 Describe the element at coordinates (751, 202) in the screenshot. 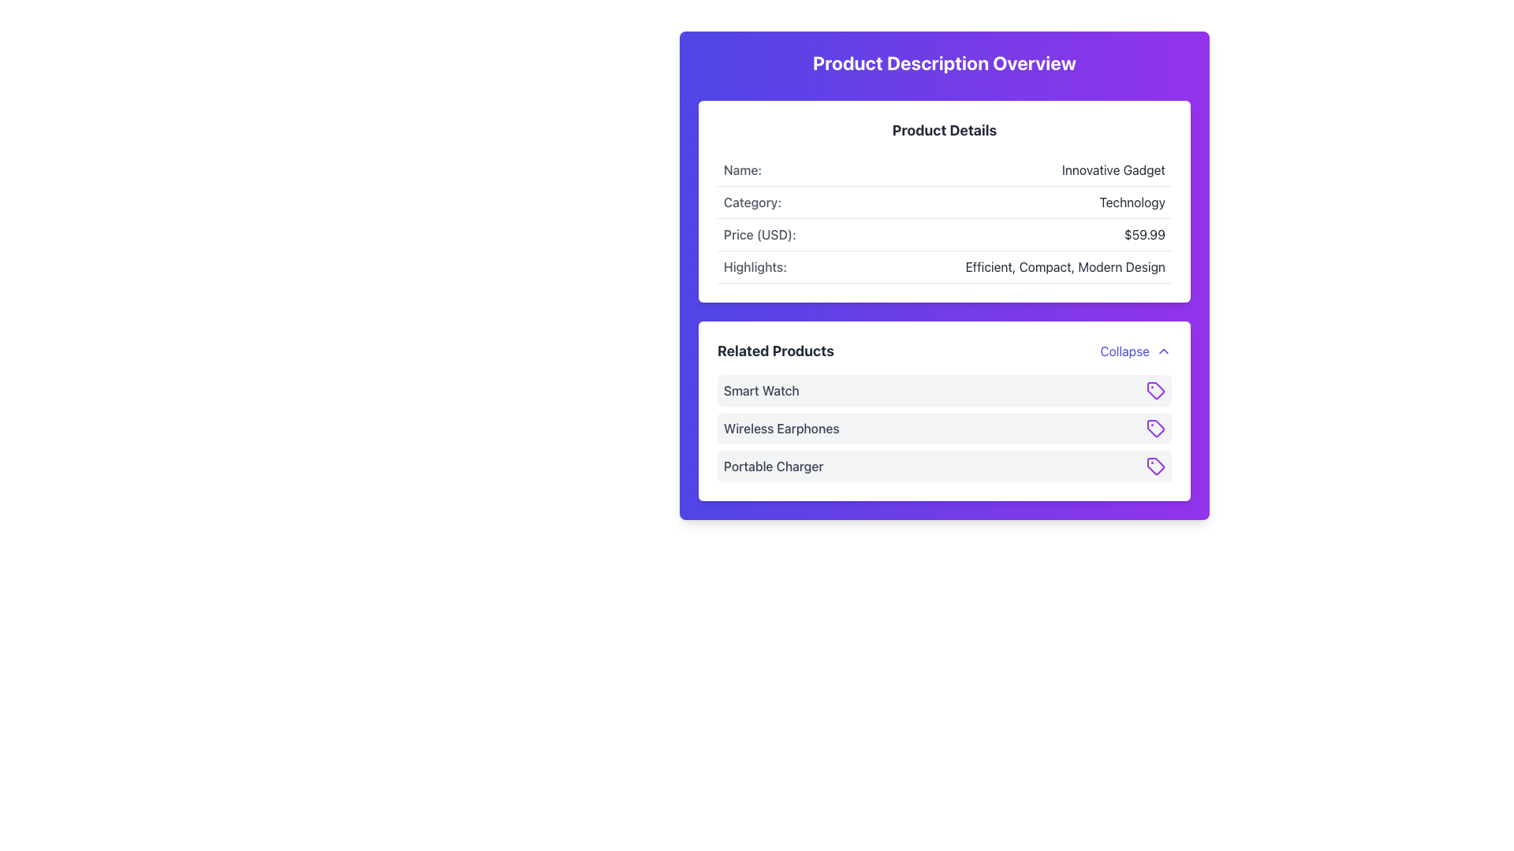

I see `the static text label displaying 'Category:' in medium gray color located in the 'Product Details' section` at that location.